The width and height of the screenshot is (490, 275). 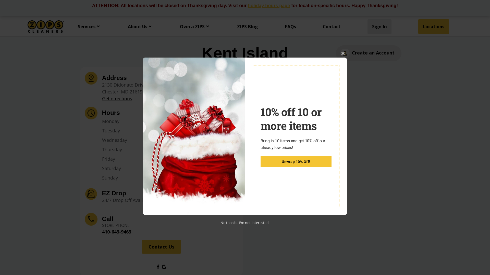 What do you see at coordinates (247, 26) in the screenshot?
I see `'ZIPS Blog'` at bounding box center [247, 26].